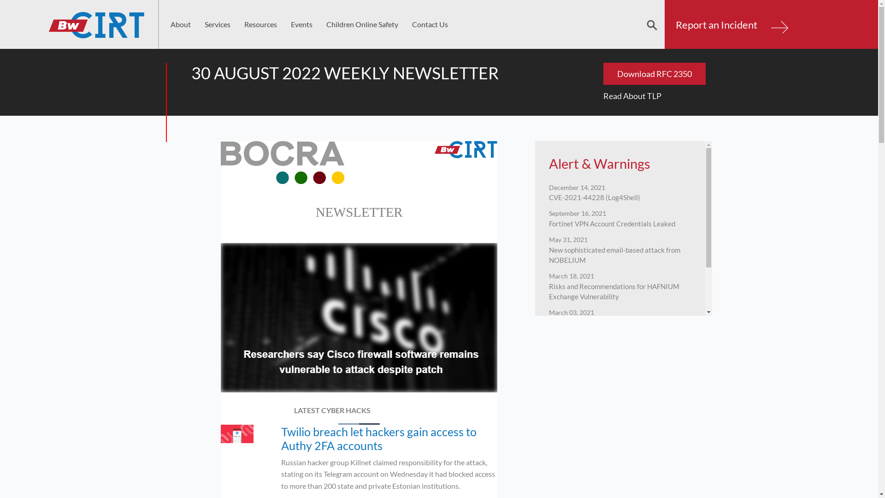 The image size is (885, 498). I want to click on 'About', so click(181, 24).